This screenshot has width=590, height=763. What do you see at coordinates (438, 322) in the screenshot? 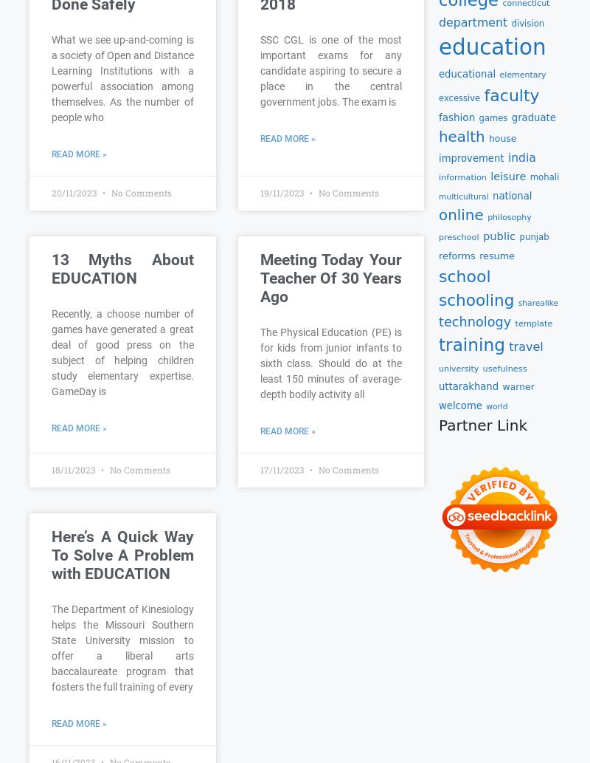
I see `'technology'` at bounding box center [438, 322].